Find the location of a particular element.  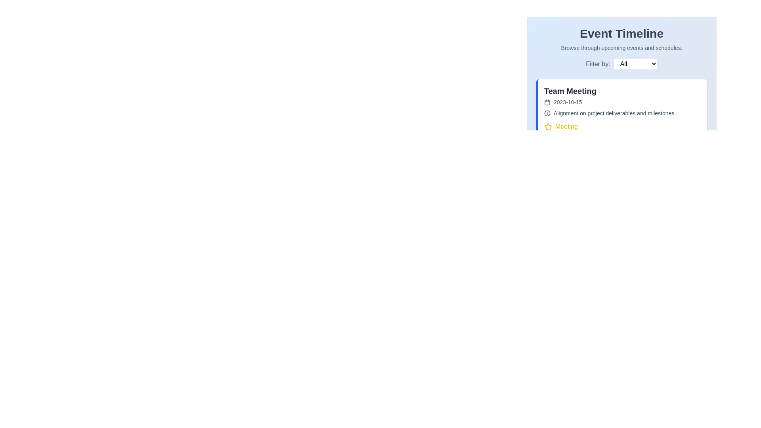

the static text that reads 'Browse through upcoming events and schedules.', which is styled in a small gray font and located beneath the 'Event Timeline' heading is located at coordinates (621, 48).